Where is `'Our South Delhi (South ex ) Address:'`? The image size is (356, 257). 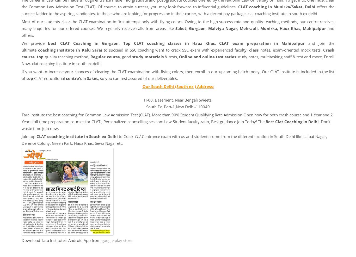 'Our South Delhi (South ex ) Address:' is located at coordinates (177, 86).